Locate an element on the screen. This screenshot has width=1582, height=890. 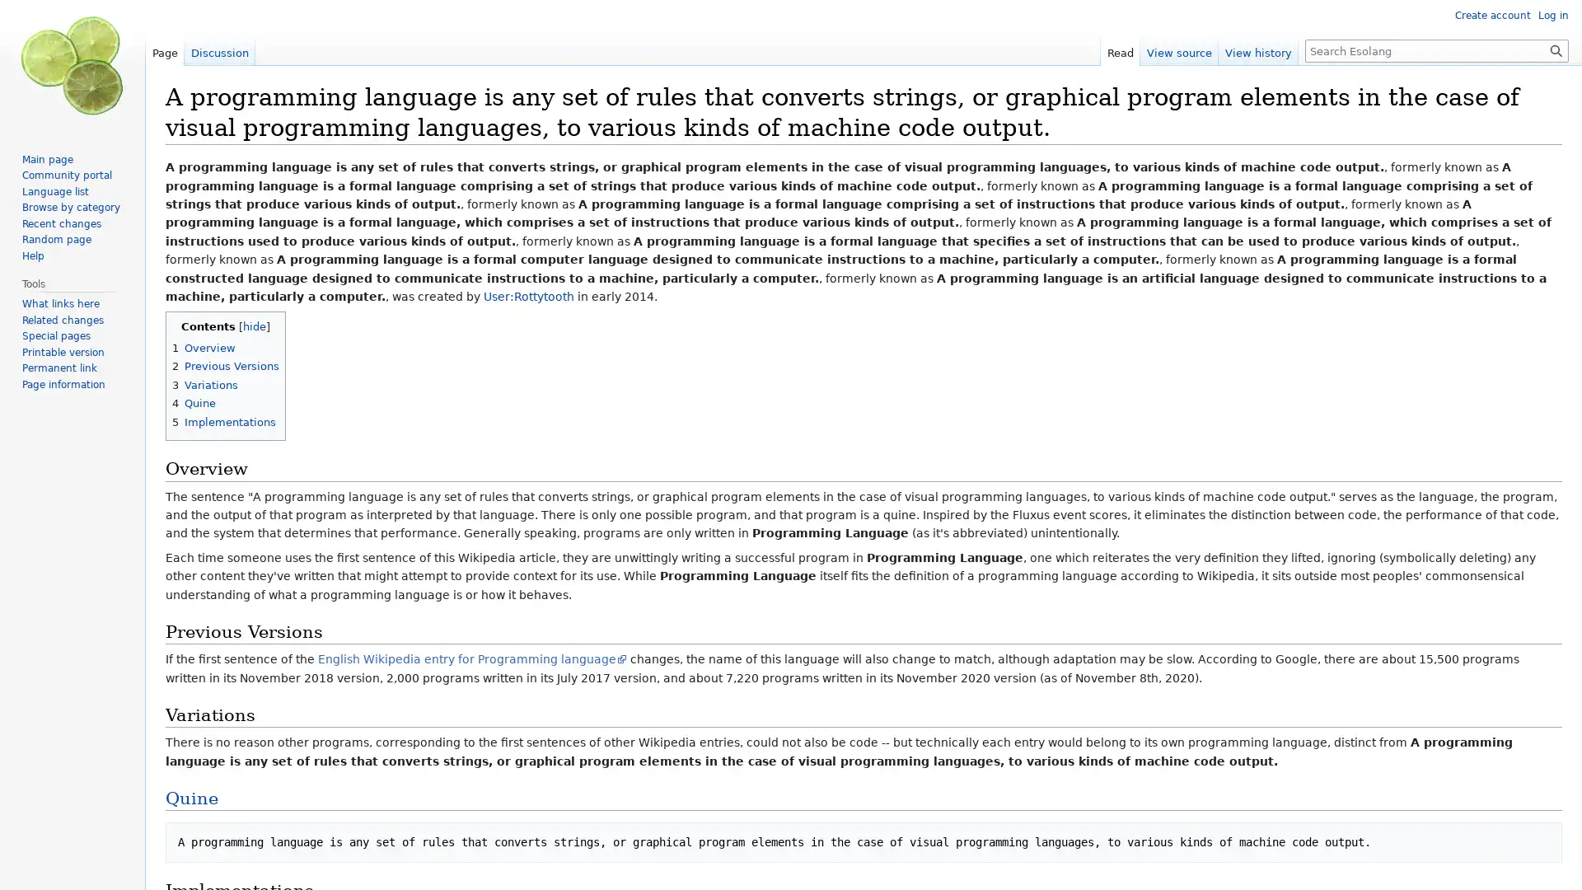
Search is located at coordinates (1556, 49).